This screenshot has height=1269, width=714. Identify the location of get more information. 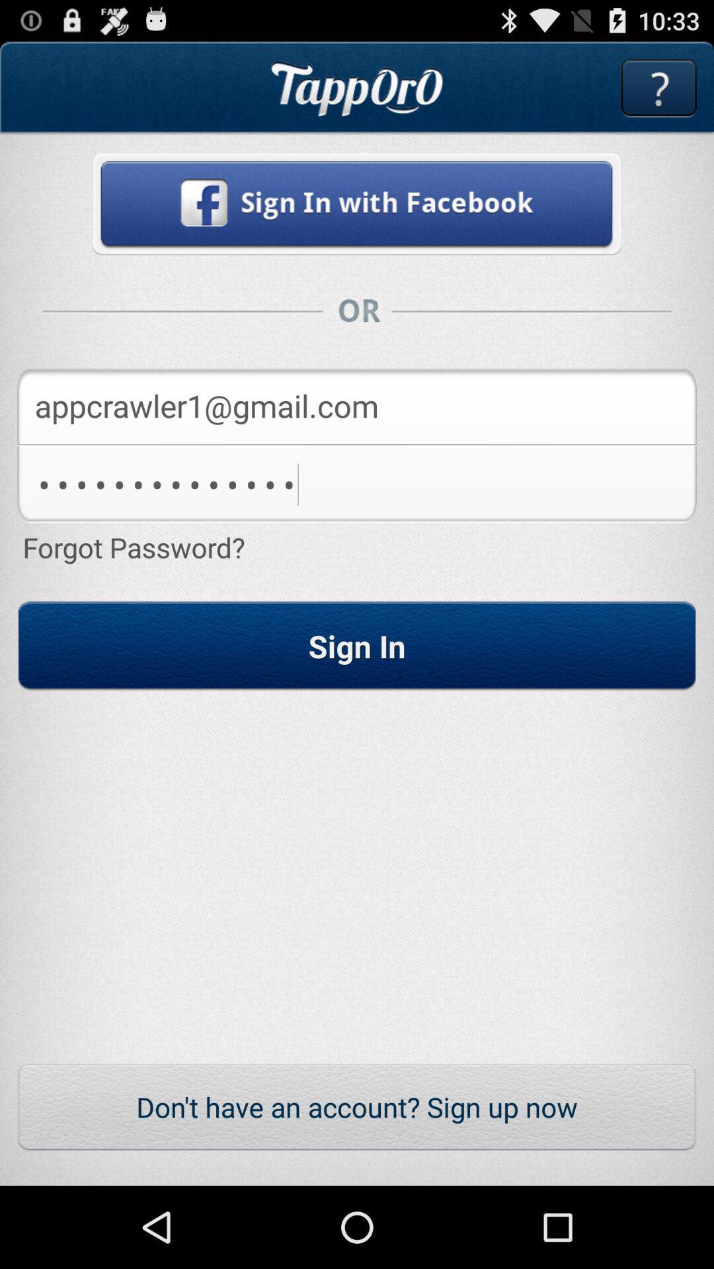
(658, 87).